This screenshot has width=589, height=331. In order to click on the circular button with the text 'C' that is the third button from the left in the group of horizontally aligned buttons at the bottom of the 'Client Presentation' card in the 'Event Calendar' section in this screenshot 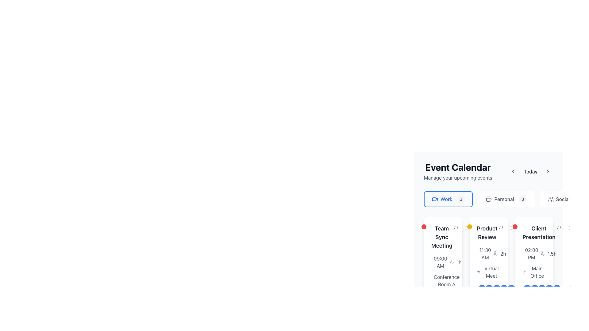, I will do `click(542, 289)`.